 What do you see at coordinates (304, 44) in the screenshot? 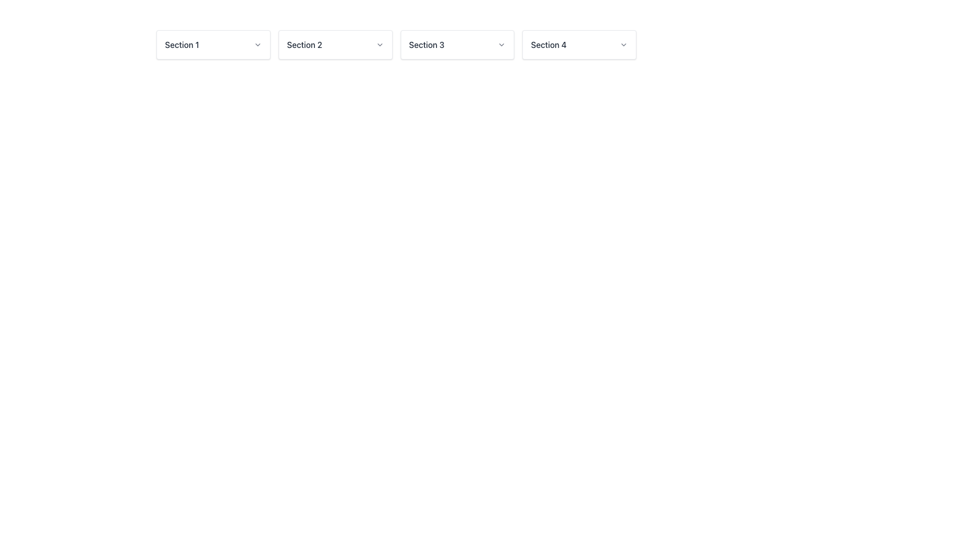
I see `the text label displaying 'Section 2' located in the horizontal navigation bar, which is the second item from the left` at bounding box center [304, 44].